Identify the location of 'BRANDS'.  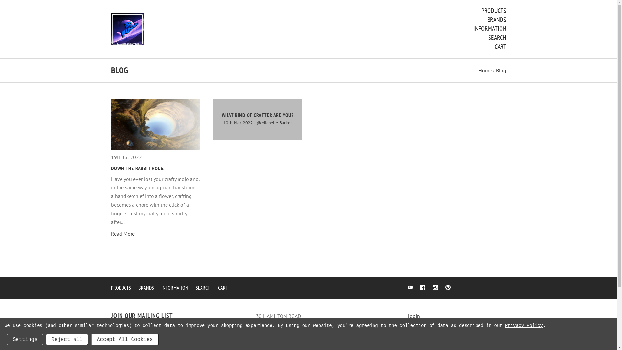
(138, 287).